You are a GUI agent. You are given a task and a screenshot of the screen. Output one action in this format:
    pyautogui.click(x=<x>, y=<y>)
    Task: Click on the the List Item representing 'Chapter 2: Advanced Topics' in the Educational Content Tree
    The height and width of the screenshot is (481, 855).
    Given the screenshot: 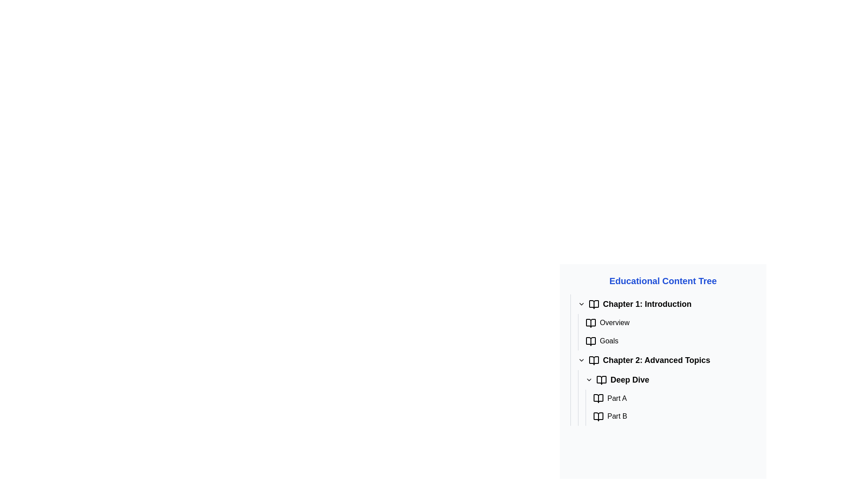 What is the action you would take?
    pyautogui.click(x=667, y=359)
    